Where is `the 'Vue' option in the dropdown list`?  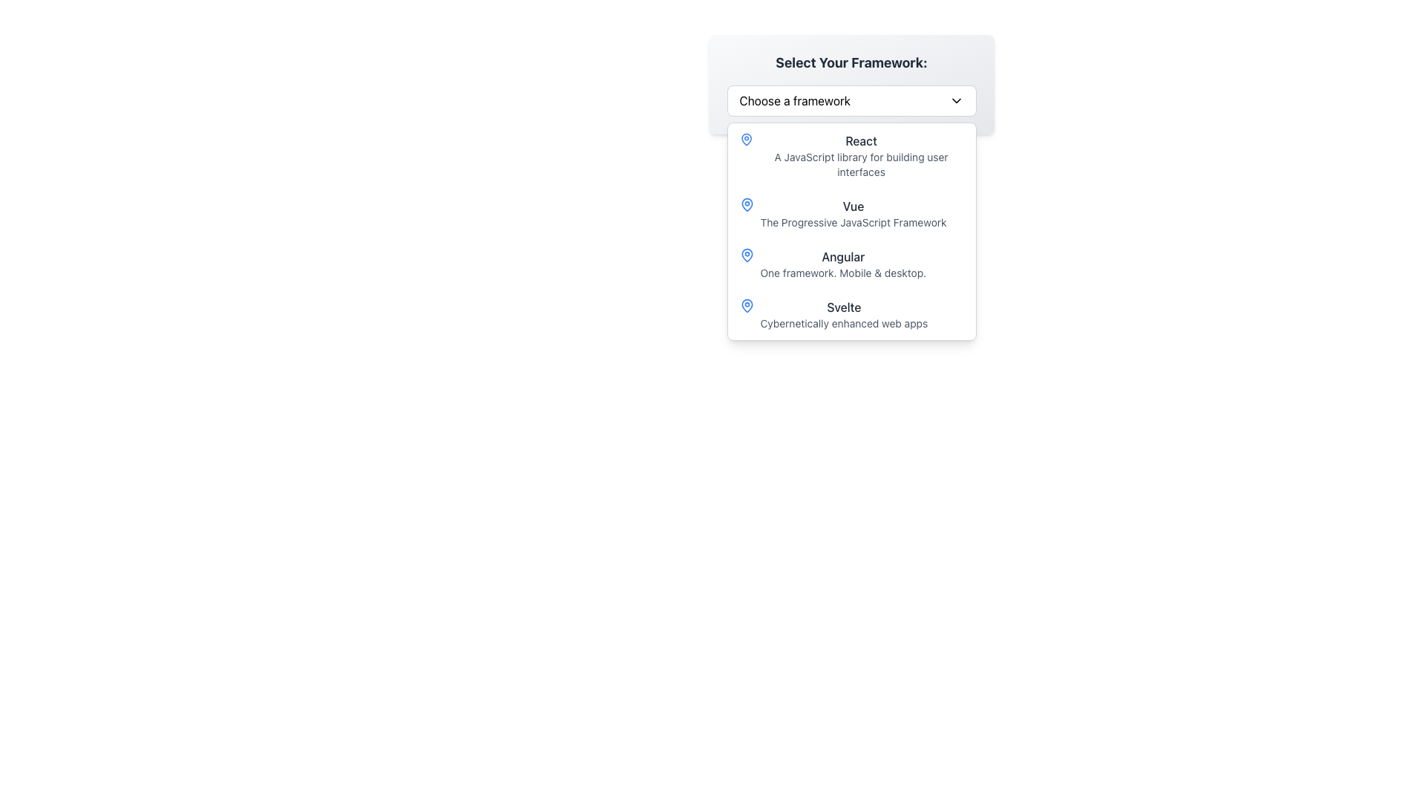
the 'Vue' option in the dropdown list is located at coordinates (853, 214).